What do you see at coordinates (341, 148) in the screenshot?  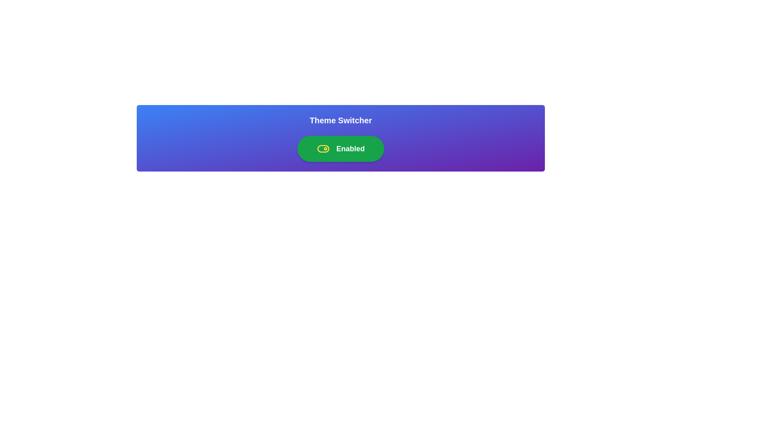 I see `the central toggle button to change the theme state` at bounding box center [341, 148].